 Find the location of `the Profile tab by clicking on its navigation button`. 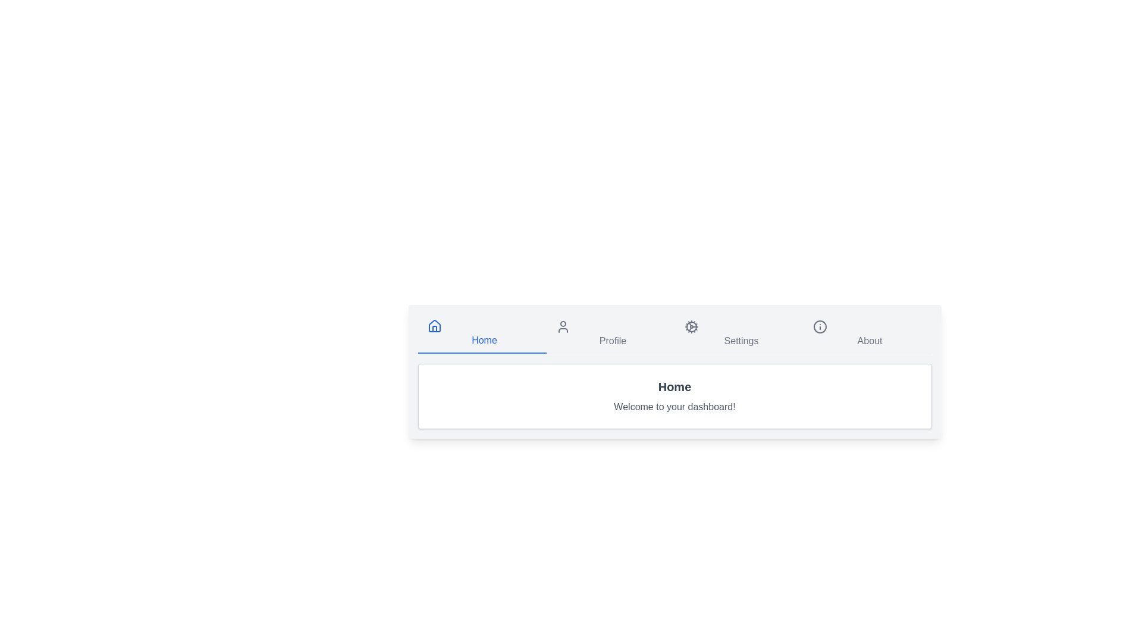

the Profile tab by clicking on its navigation button is located at coordinates (610, 334).